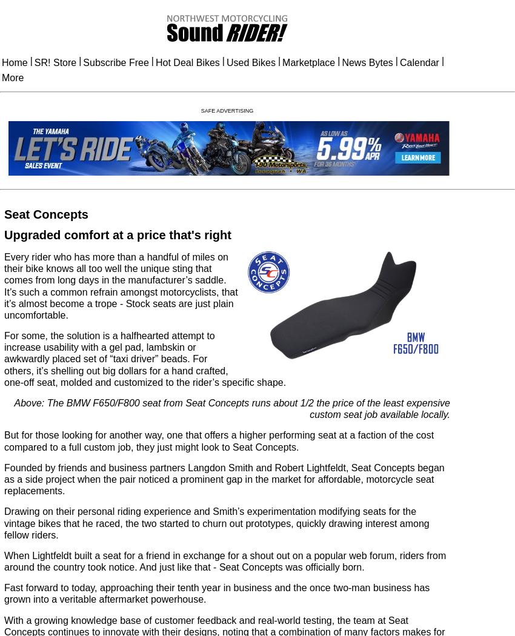 The width and height of the screenshot is (515, 636). I want to click on 'Above: The BMW F650/F800 seat from Seat Concepts runs about 1/2 the price of the least expensive custom seat job available locally.', so click(13, 409).